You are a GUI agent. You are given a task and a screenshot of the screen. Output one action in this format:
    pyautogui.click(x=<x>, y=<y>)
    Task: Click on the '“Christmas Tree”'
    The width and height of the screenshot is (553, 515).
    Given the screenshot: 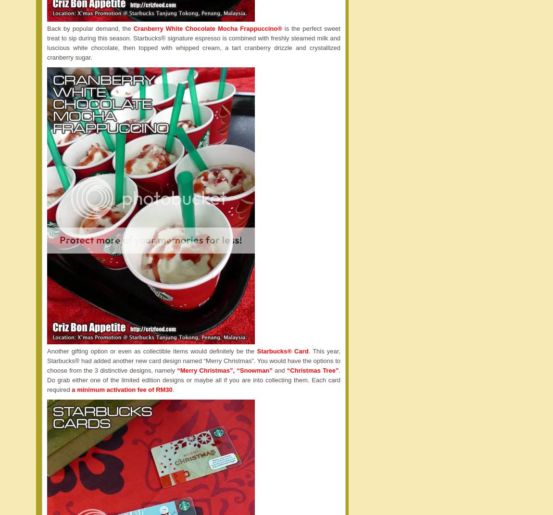 What is the action you would take?
    pyautogui.click(x=286, y=370)
    